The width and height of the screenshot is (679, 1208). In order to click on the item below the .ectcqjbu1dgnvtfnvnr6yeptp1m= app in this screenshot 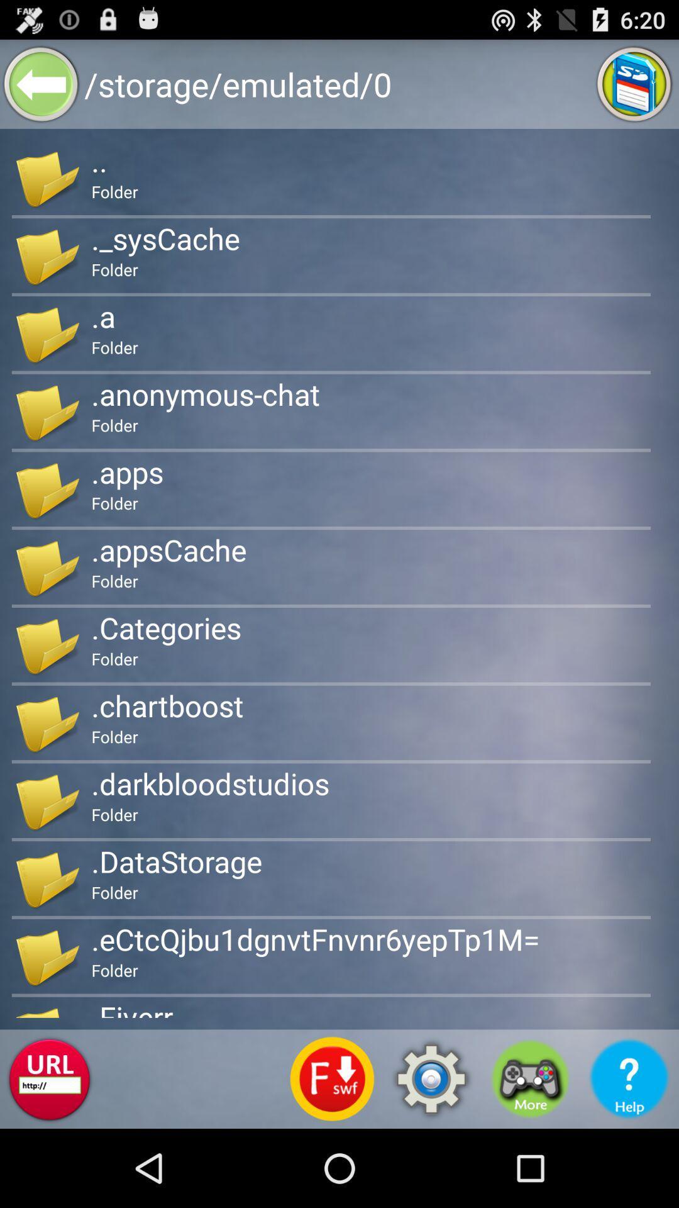, I will do `click(331, 1078)`.